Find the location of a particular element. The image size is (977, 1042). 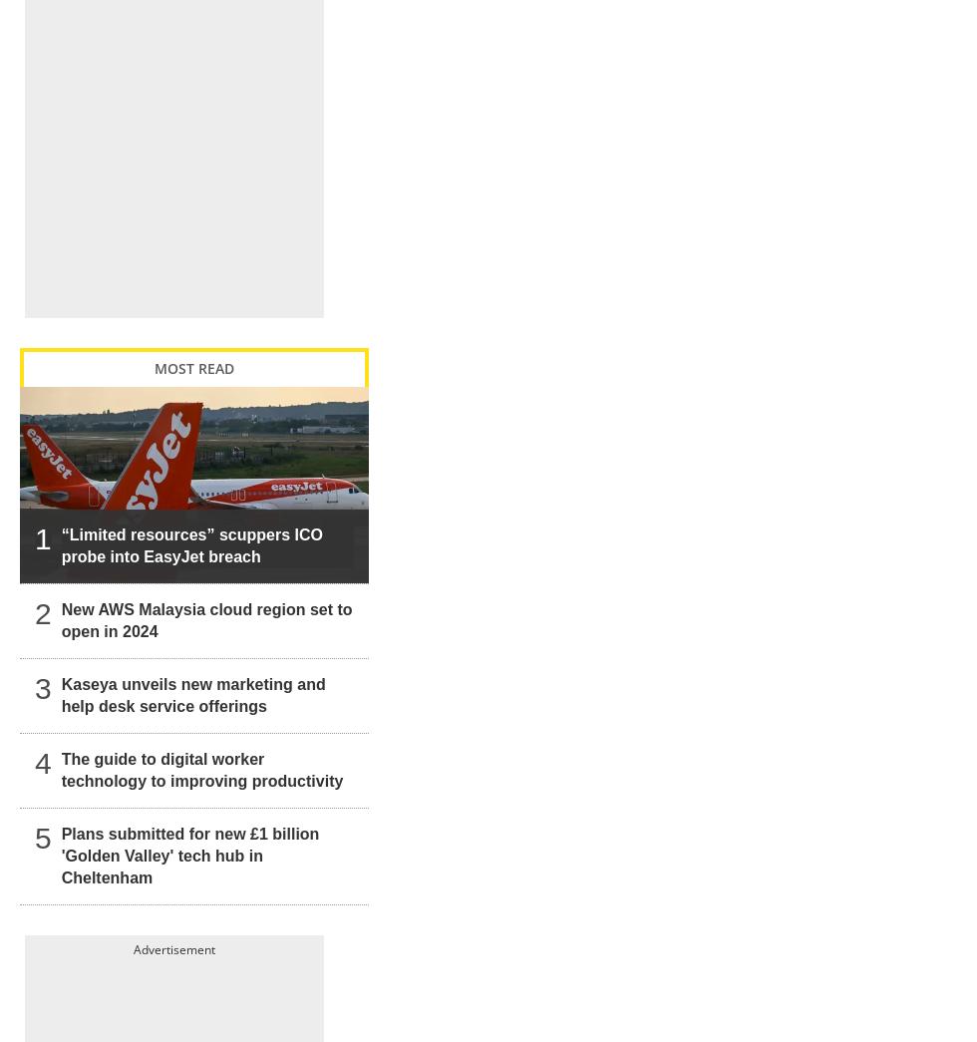

'The guide to digital worker technology to improving productivity' is located at coordinates (201, 748).